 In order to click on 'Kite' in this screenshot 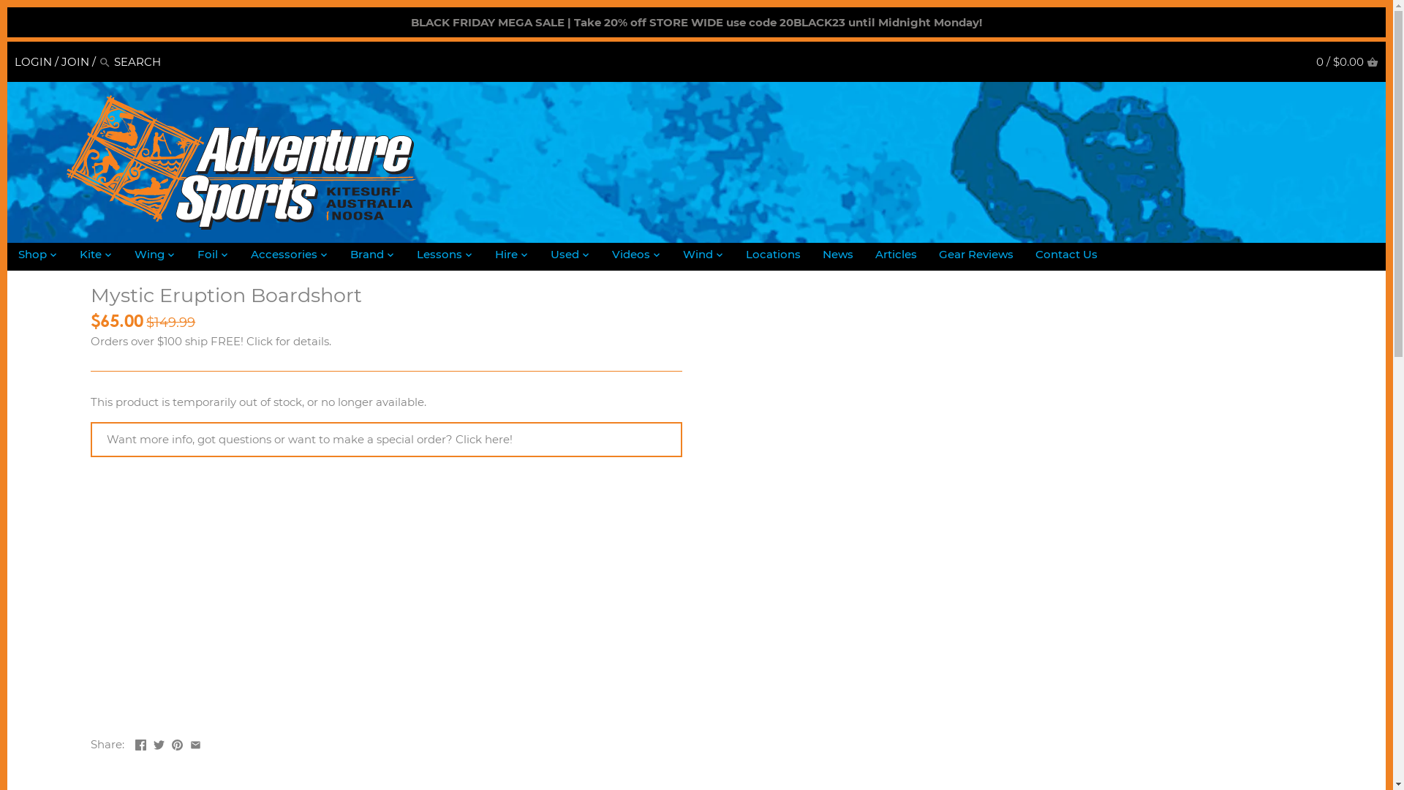, I will do `click(90, 256)`.